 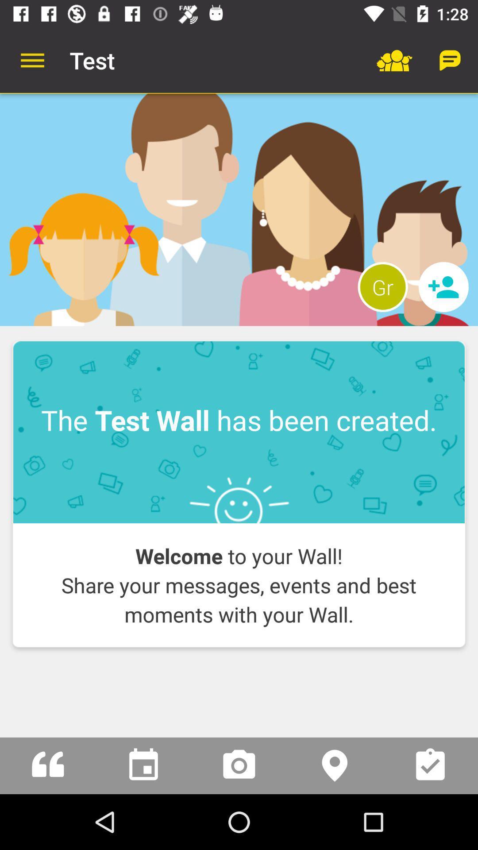 What do you see at coordinates (239, 432) in the screenshot?
I see `item above welcome to your icon` at bounding box center [239, 432].